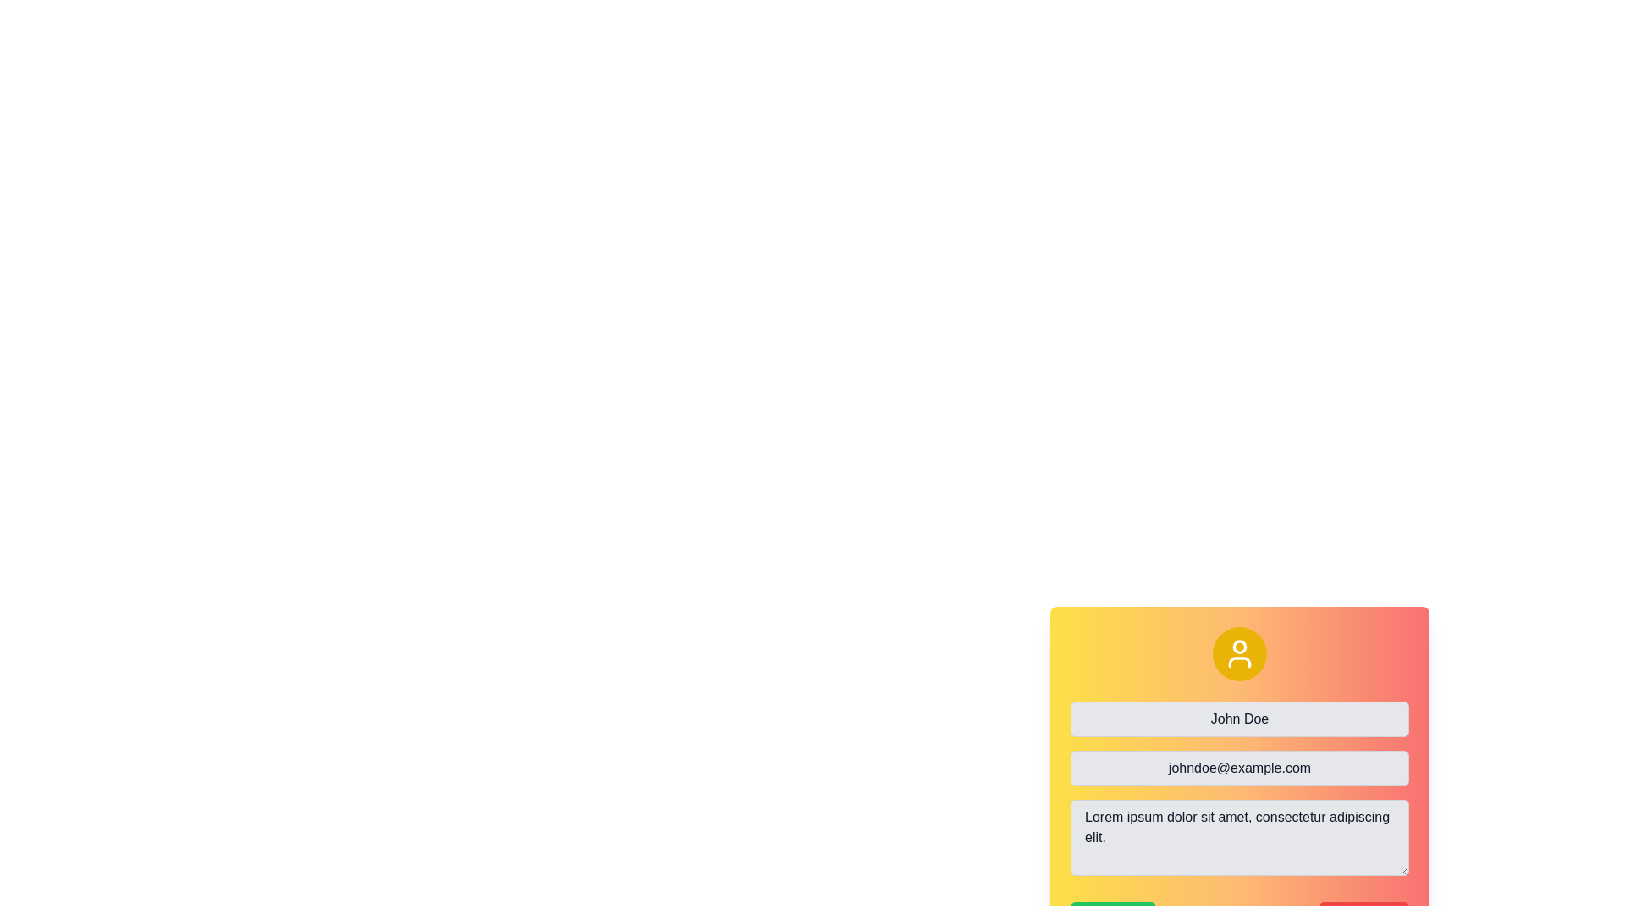 The height and width of the screenshot is (914, 1625). I want to click on the yellow circular icon with a white user symbol, which is centrally located at the top section of a rectangular card, so click(1239, 652).